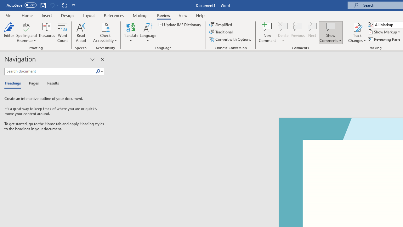  I want to click on 'Read Aloud', so click(80, 32).